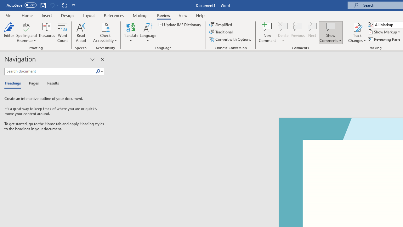  I want to click on 'Read Aloud', so click(80, 32).